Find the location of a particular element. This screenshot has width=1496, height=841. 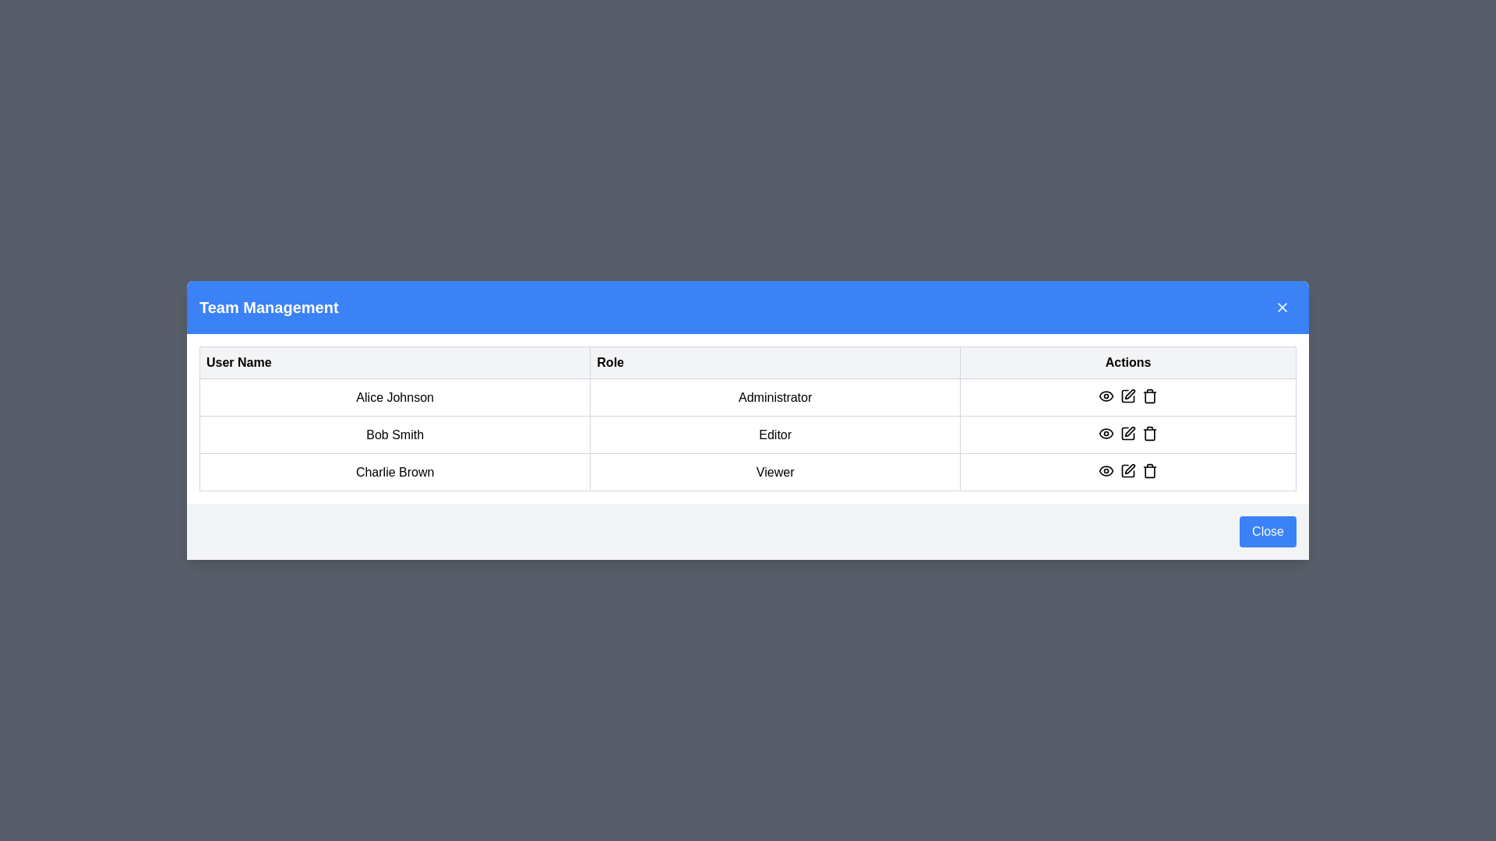

the SVG-based visibility icon located in the last row of the 'Actions' column of the table is located at coordinates (1106, 470).